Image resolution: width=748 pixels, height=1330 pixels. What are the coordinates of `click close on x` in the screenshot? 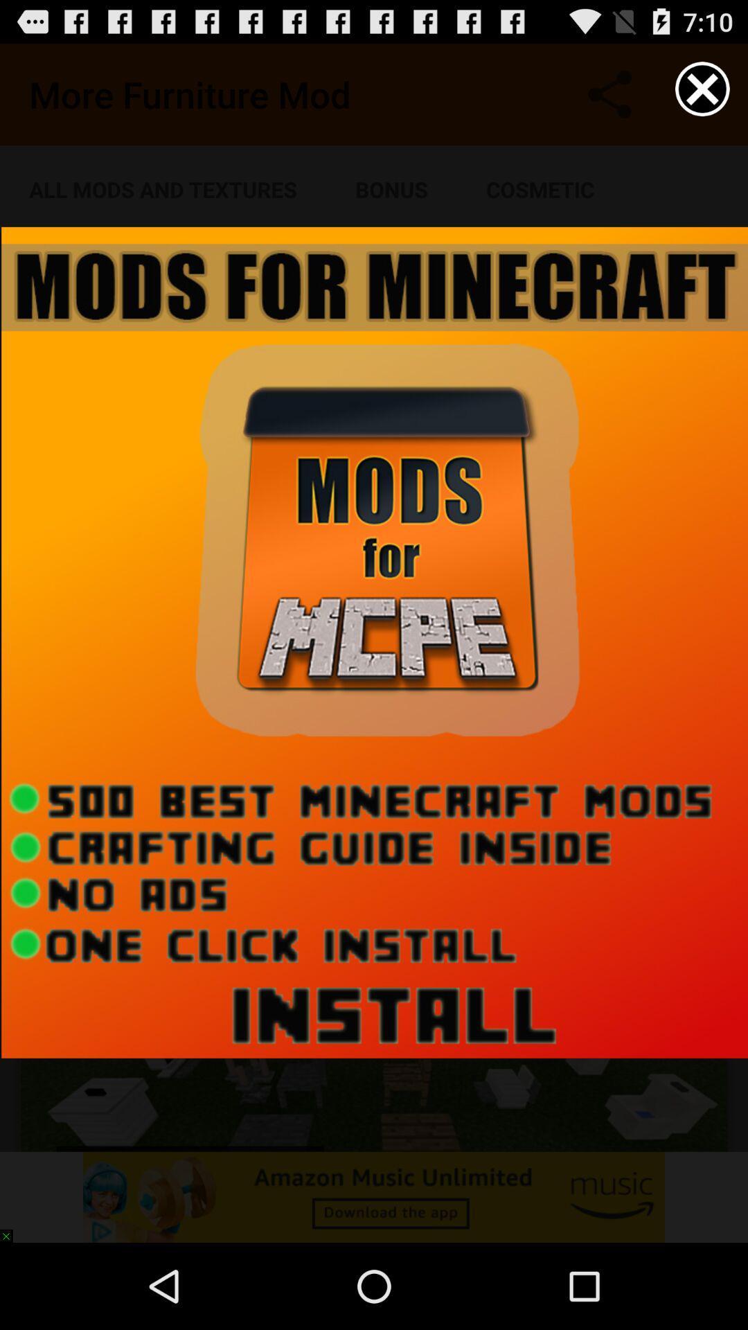 It's located at (702, 88).